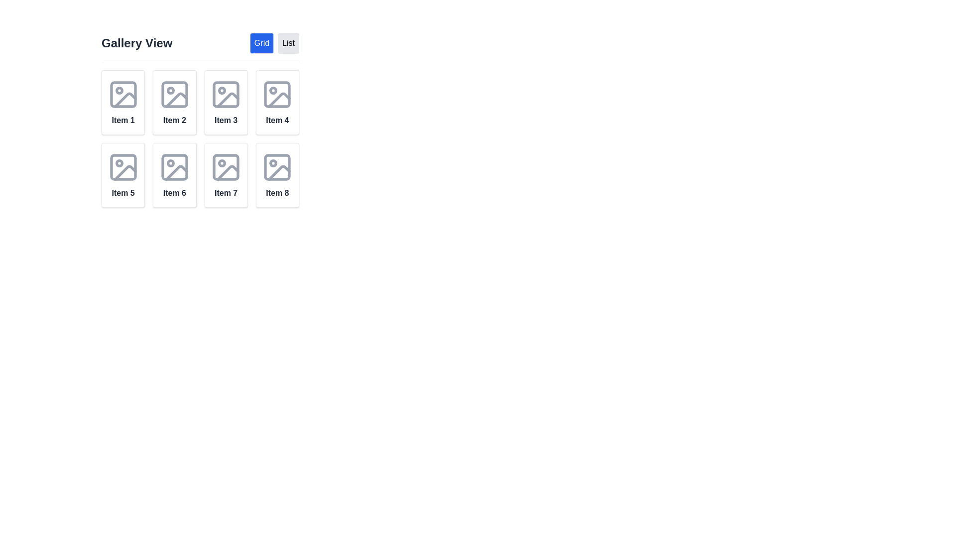 This screenshot has height=538, width=956. Describe the element at coordinates (122, 102) in the screenshot. I see `the first Card Widget in the grid layout, positioned under the 'Gallery View' label and next to the 'Grid' and 'List' buttons` at that location.